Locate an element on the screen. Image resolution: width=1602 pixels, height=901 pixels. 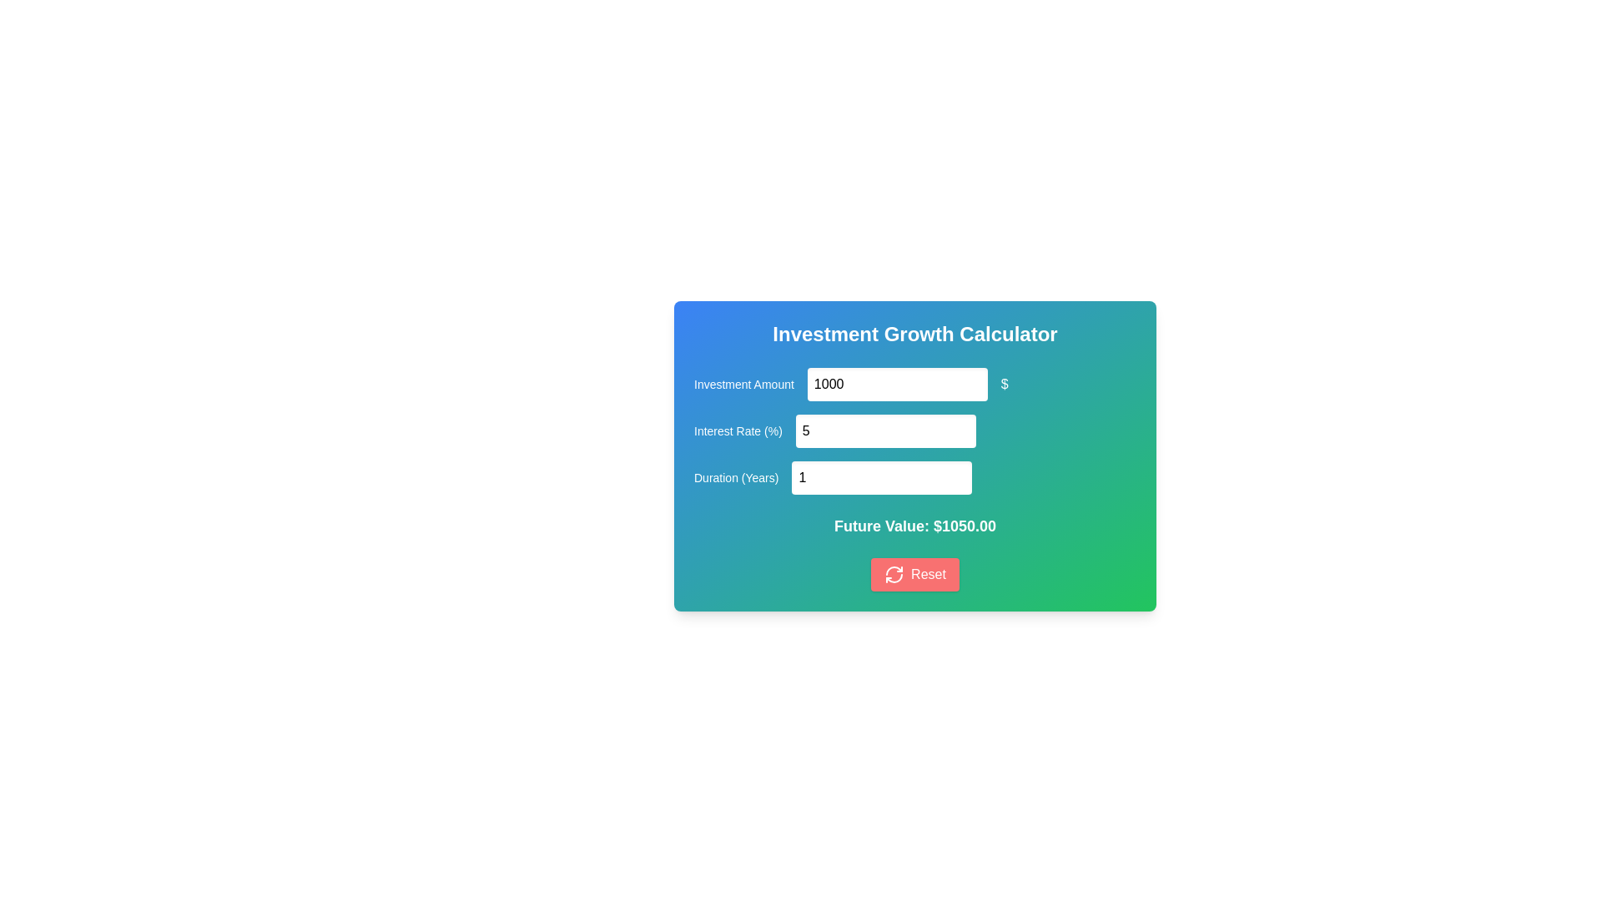
the input fields of the Interactive calculator interface for entering data, located below the title 'Investment Growth Calculator' is located at coordinates (914, 456).